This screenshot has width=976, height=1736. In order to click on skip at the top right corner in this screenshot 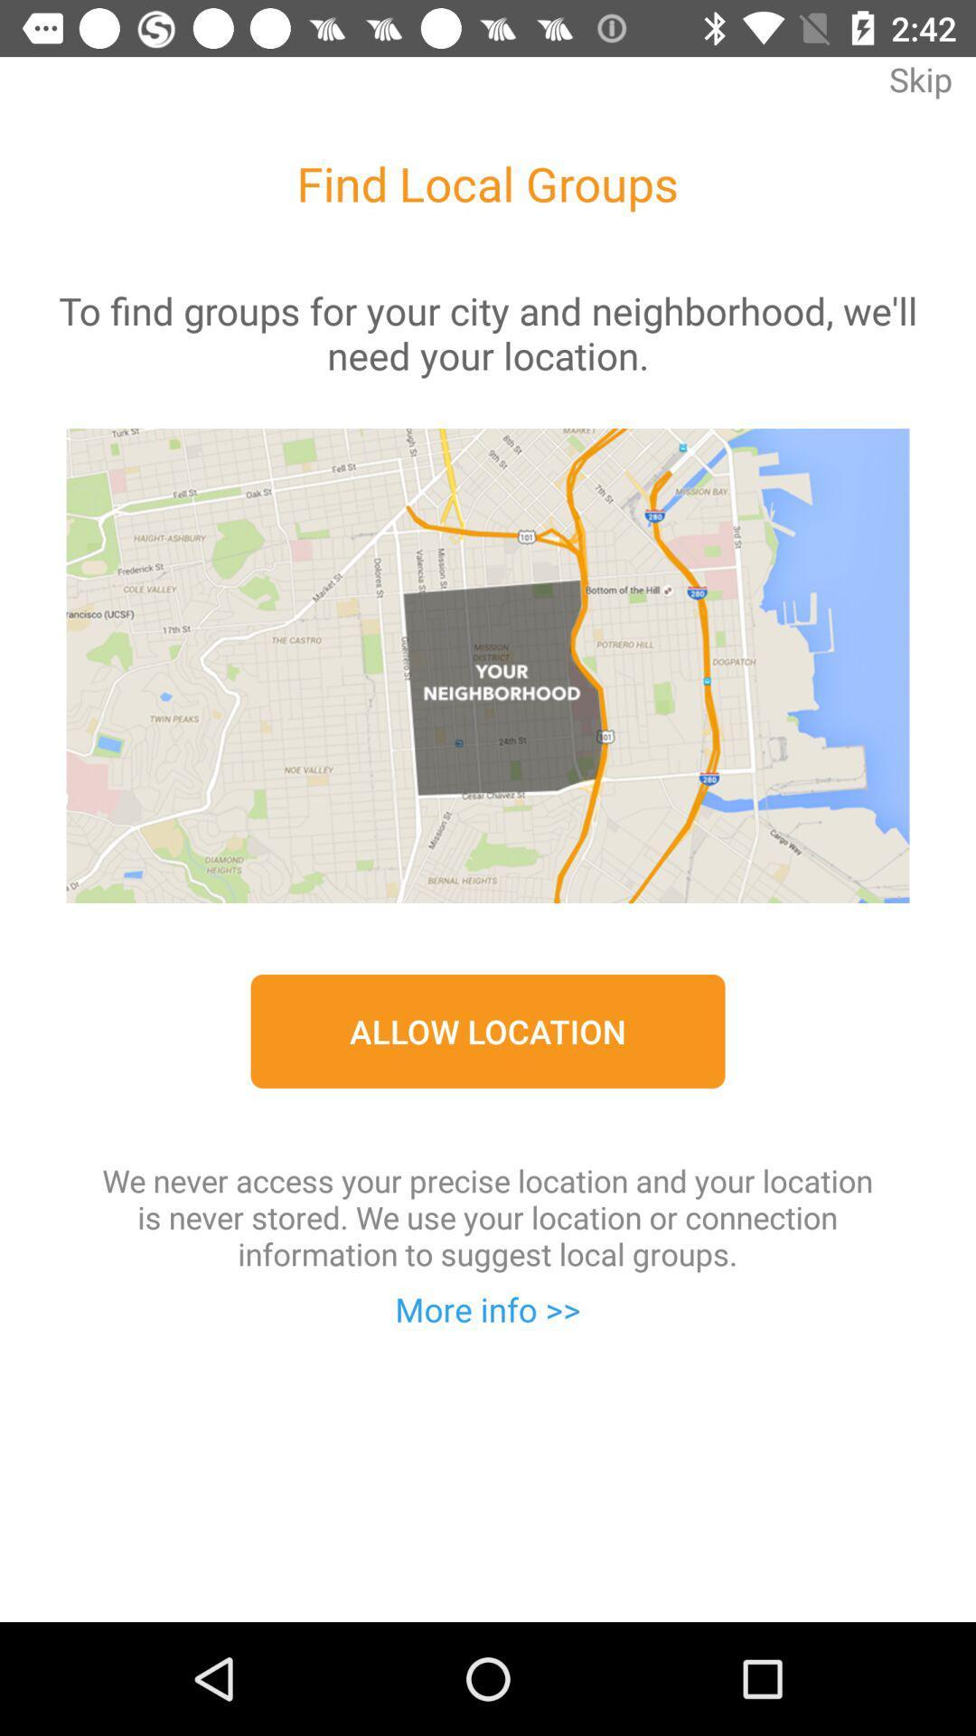, I will do `click(920, 91)`.